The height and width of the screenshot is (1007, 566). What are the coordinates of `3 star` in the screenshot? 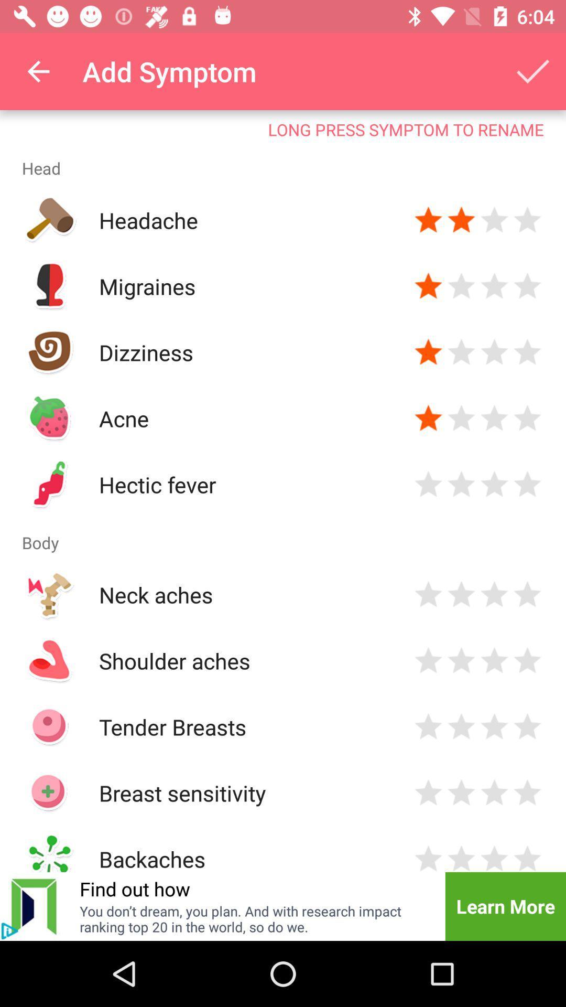 It's located at (494, 220).